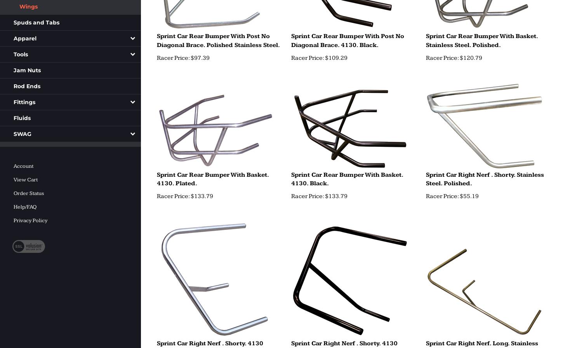 Image resolution: width=563 pixels, height=348 pixels. Describe the element at coordinates (22, 118) in the screenshot. I see `'Fluids'` at that location.